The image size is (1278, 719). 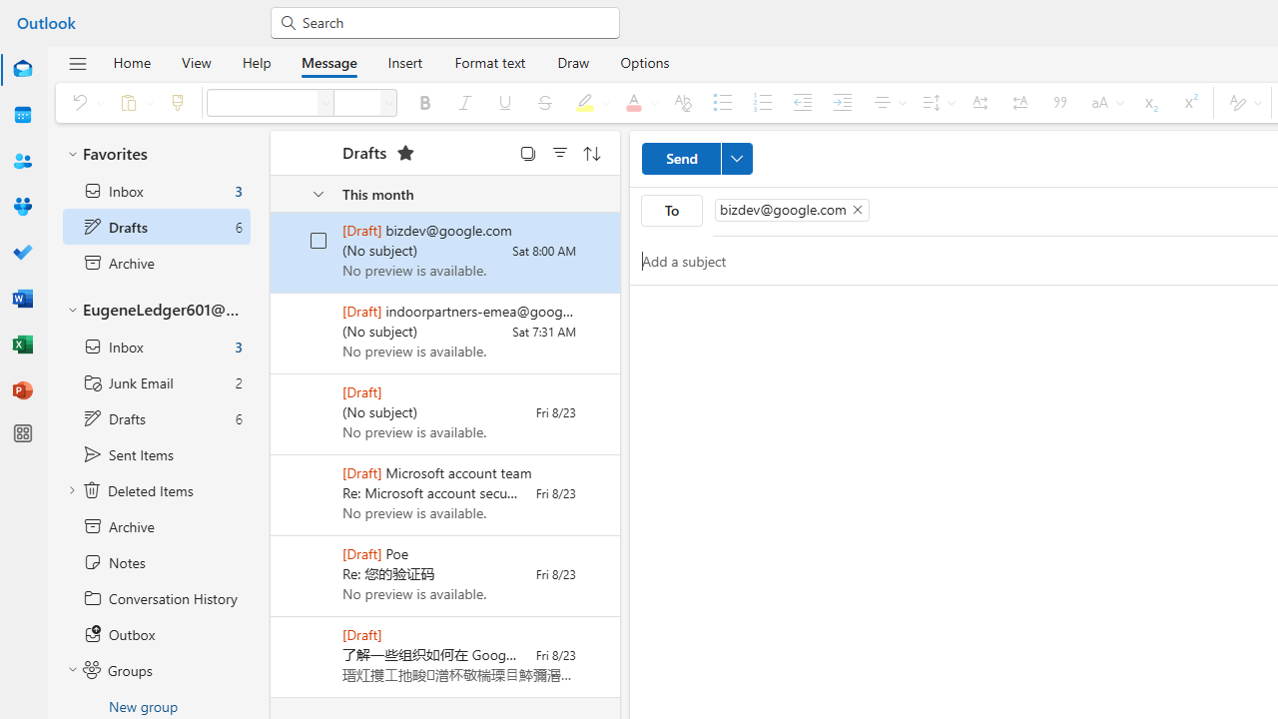 I want to click on 'Junk Email 2 items', so click(x=155, y=382).